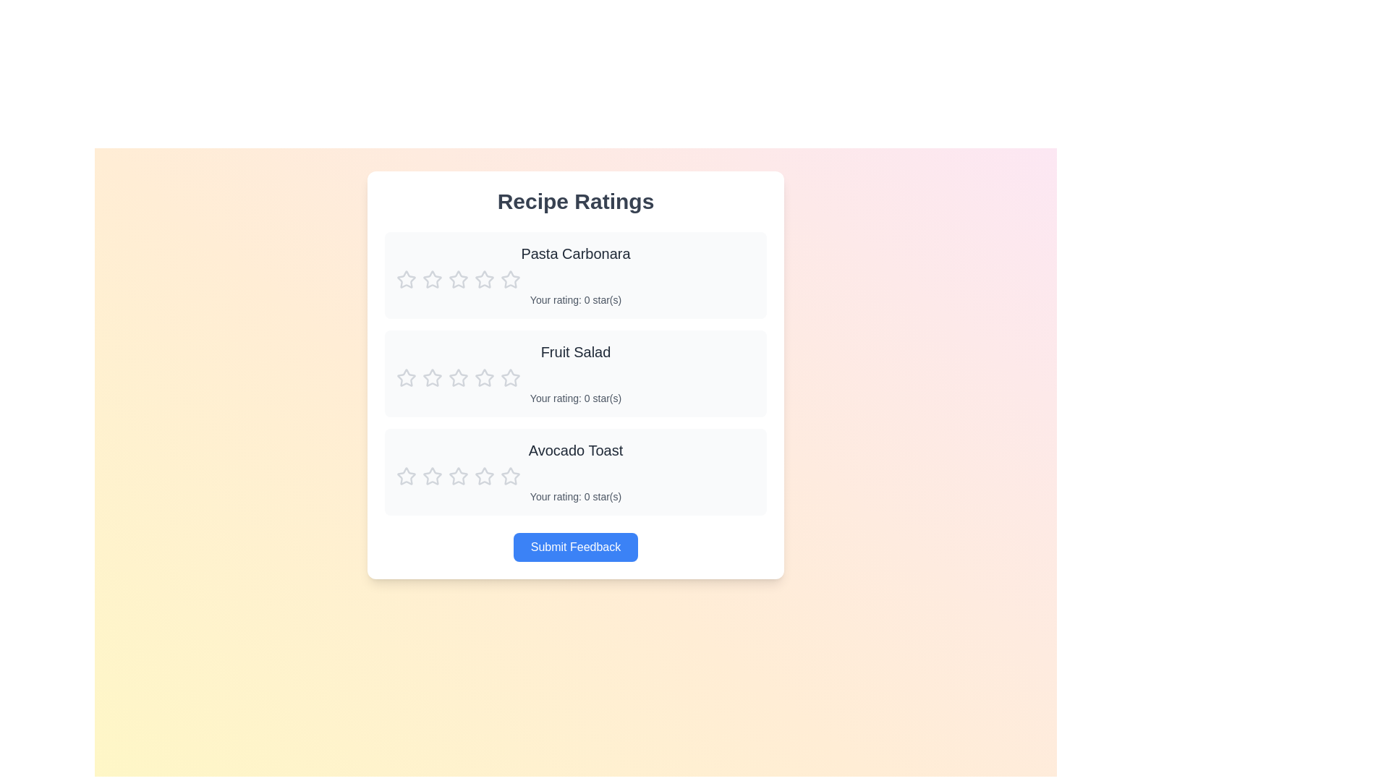 Image resolution: width=1389 pixels, height=781 pixels. Describe the element at coordinates (575, 450) in the screenshot. I see `the text label displaying 'Avocado Toast'` at that location.